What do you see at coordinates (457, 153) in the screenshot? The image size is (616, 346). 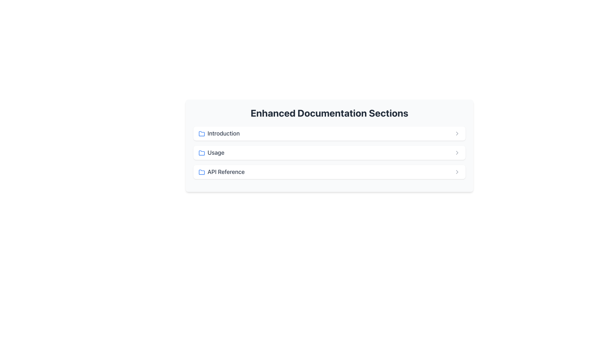 I see `the right-pointing chevron icon located at the far right of the 'API Reference' row in the navigation list` at bounding box center [457, 153].